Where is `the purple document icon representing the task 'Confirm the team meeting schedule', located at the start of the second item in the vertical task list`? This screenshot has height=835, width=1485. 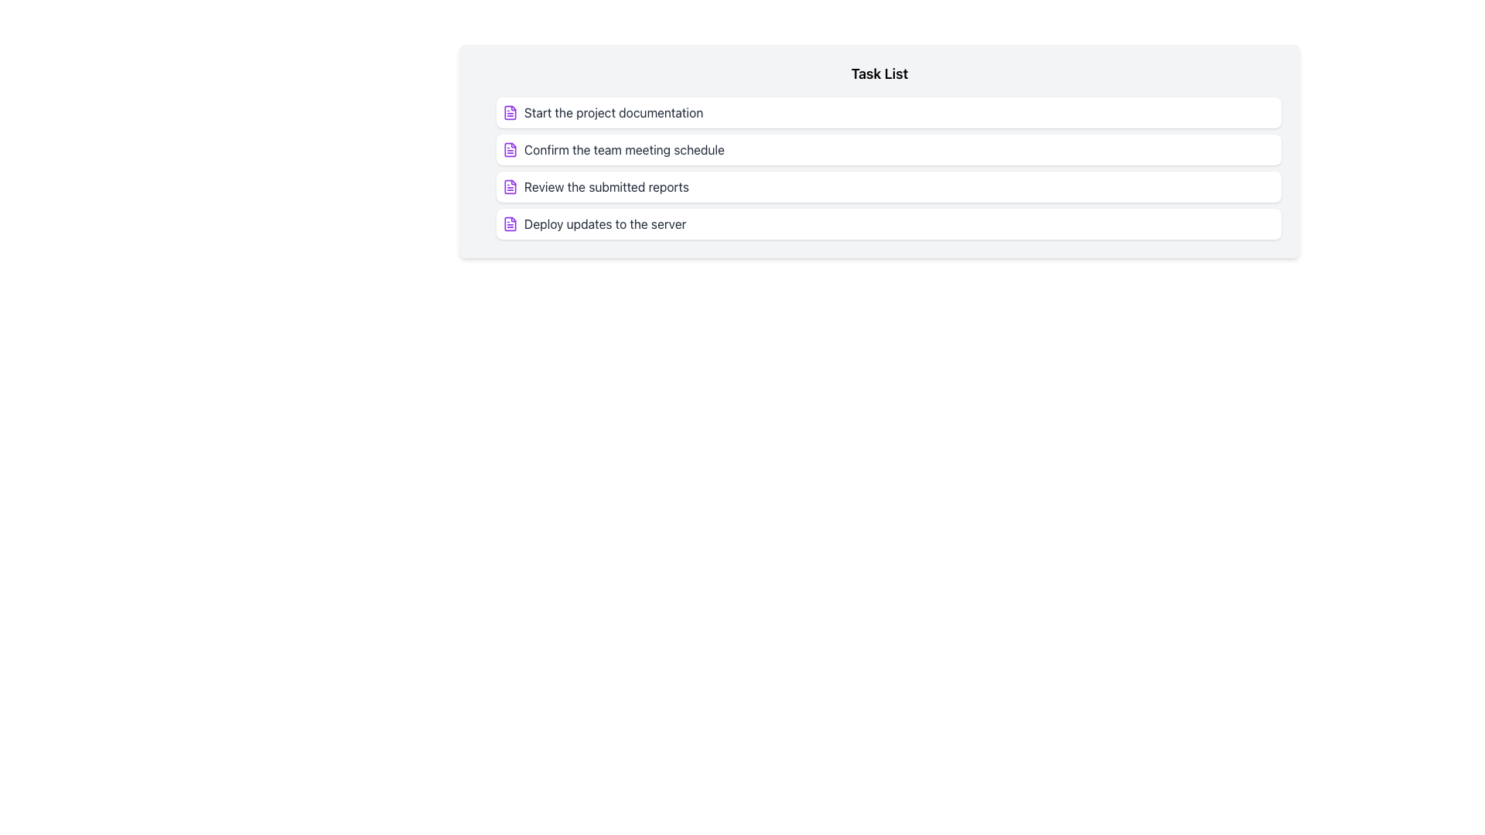 the purple document icon representing the task 'Confirm the team meeting schedule', located at the start of the second item in the vertical task list is located at coordinates (510, 149).